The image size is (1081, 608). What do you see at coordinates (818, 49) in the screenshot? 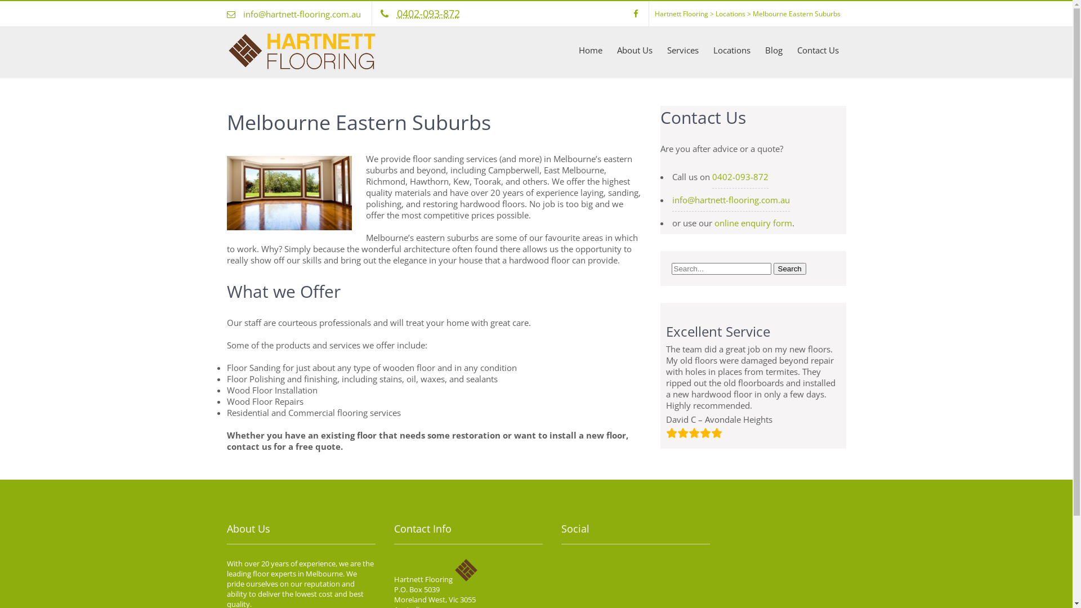
I see `'Contact Us'` at bounding box center [818, 49].